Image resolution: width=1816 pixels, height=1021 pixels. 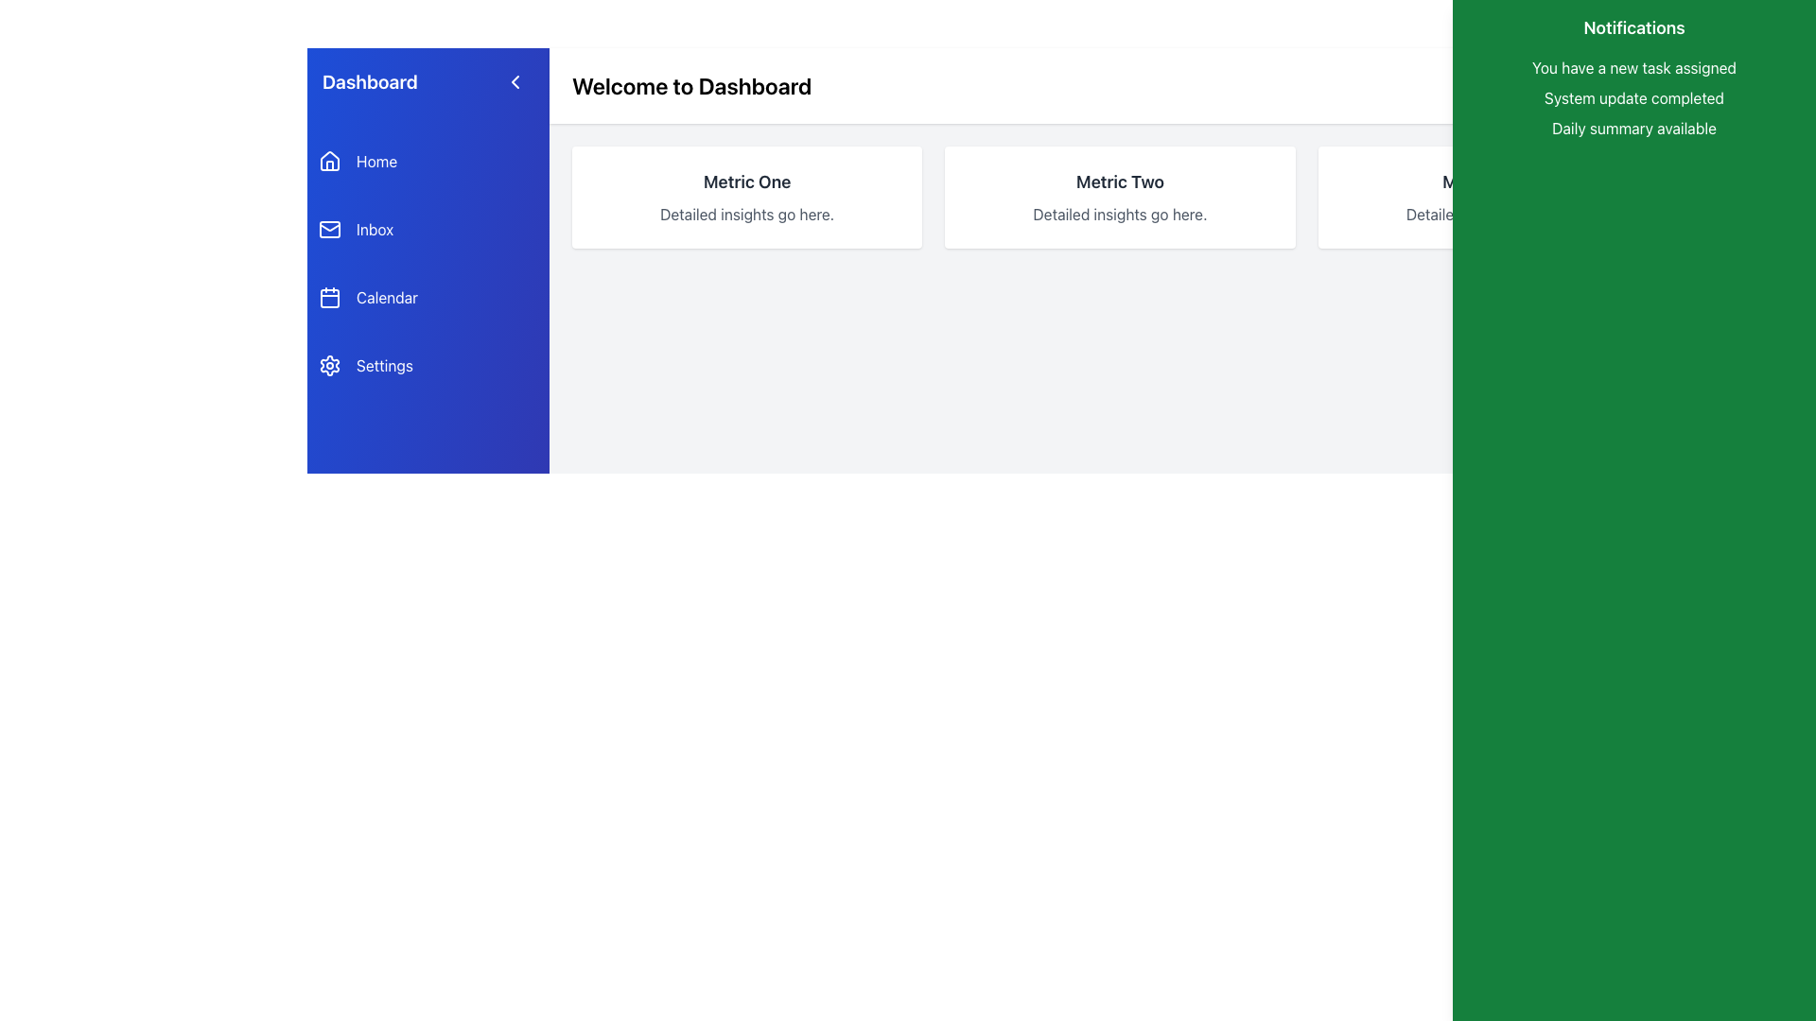 What do you see at coordinates (1120, 182) in the screenshot?
I see `text label displaying 'Metric Two' which is a bold, large dark font on a light background in the second metric card` at bounding box center [1120, 182].